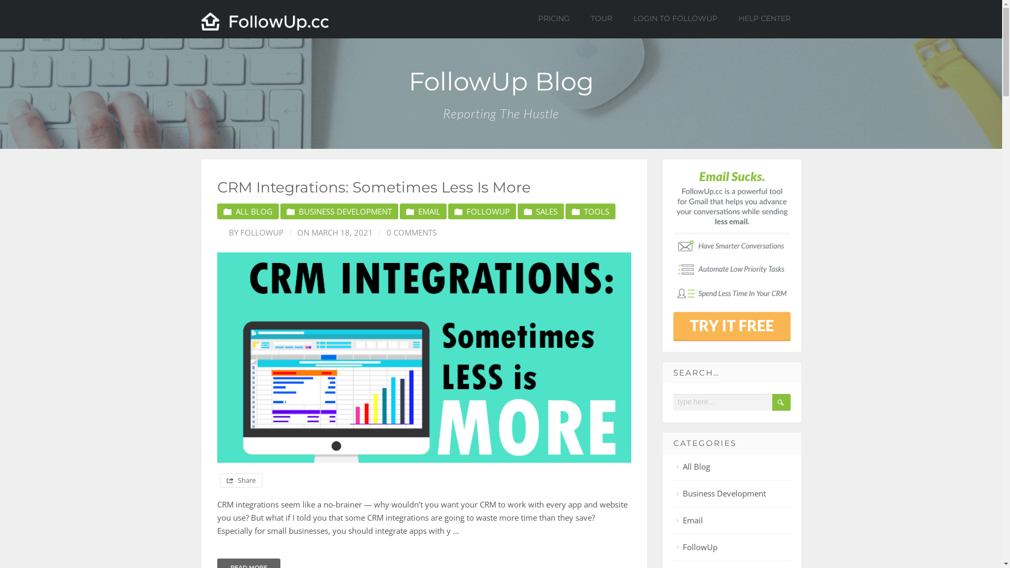 Image resolution: width=1010 pixels, height=568 pixels. I want to click on 'LOGIN TO FOLLOWUP', so click(625, 18).